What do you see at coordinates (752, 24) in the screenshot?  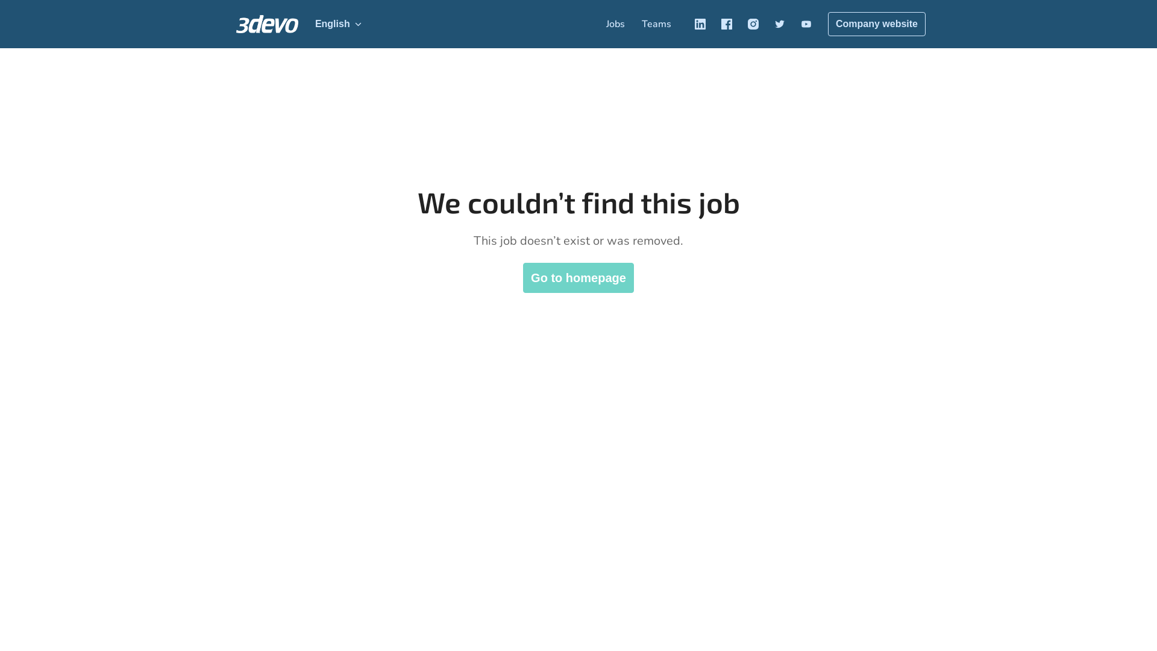 I see `'instagram'` at bounding box center [752, 24].